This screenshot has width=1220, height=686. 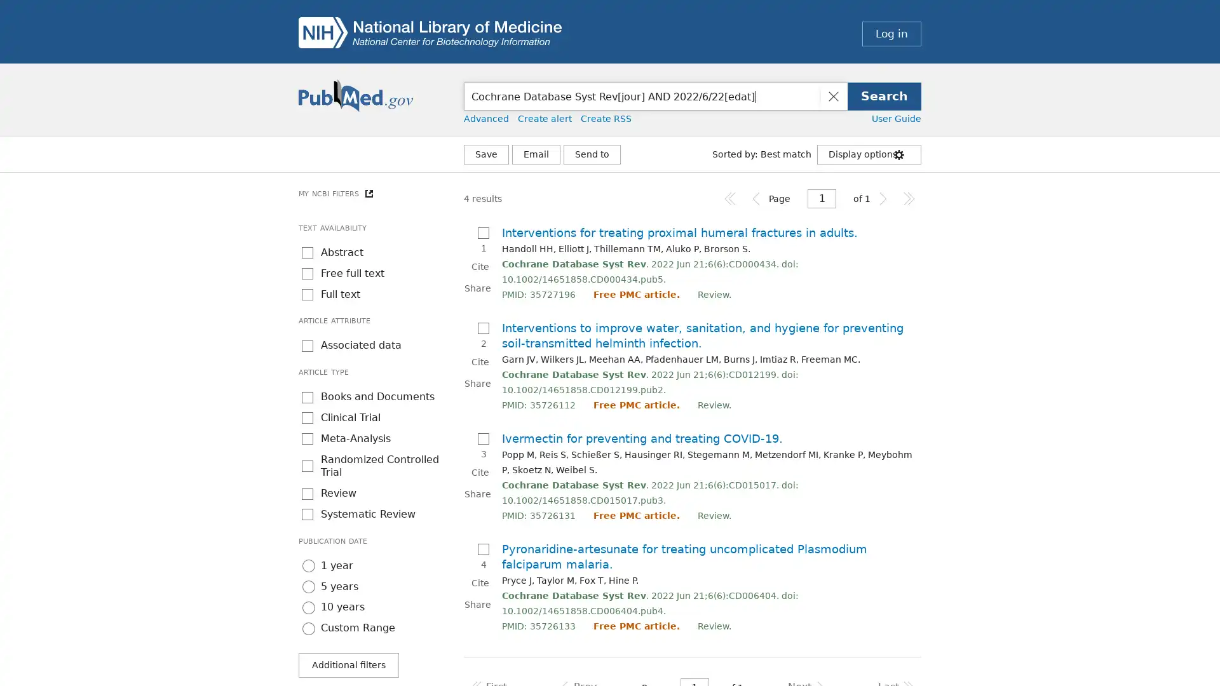 What do you see at coordinates (485, 154) in the screenshot?
I see `Save` at bounding box center [485, 154].